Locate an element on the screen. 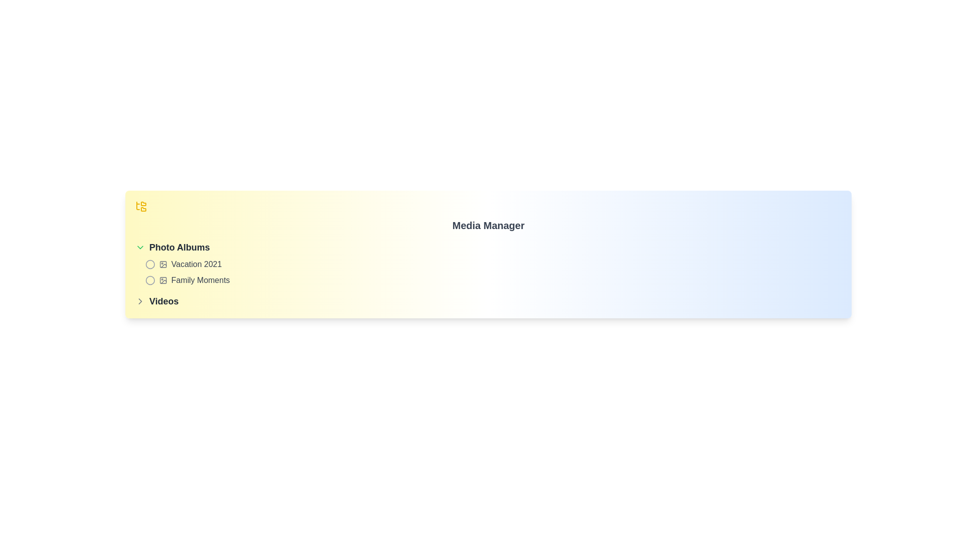 This screenshot has height=539, width=959. the small icon with a gray outline, which features a square border with rounded corners and a diagonal line intersecting a central circle, located next to the text 'Vacation 2021' in the 'Photo Albums' section is located at coordinates (163, 264).